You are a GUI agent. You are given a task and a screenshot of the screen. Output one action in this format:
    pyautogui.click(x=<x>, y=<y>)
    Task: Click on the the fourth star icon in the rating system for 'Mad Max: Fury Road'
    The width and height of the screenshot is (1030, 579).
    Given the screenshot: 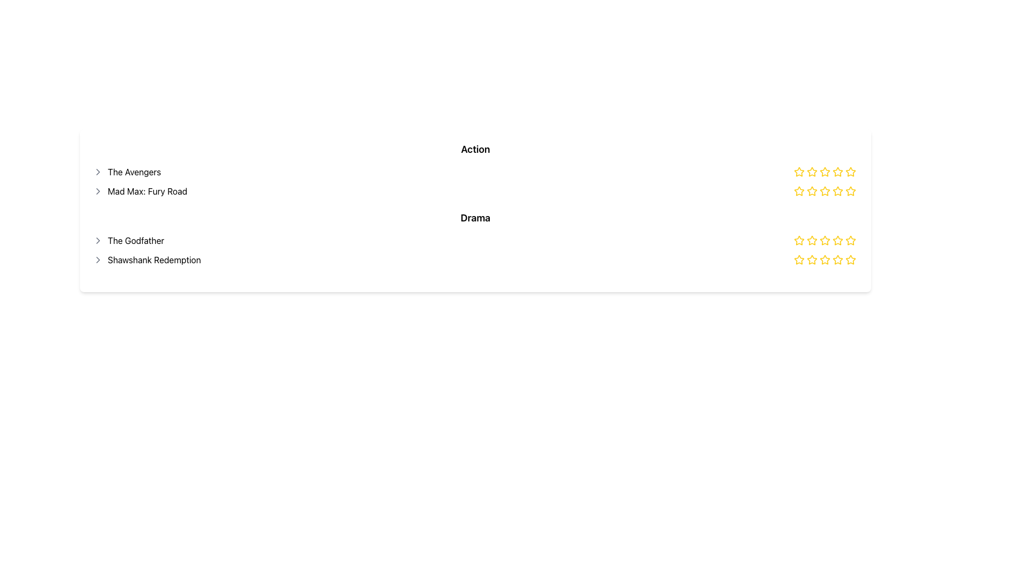 What is the action you would take?
    pyautogui.click(x=850, y=191)
    